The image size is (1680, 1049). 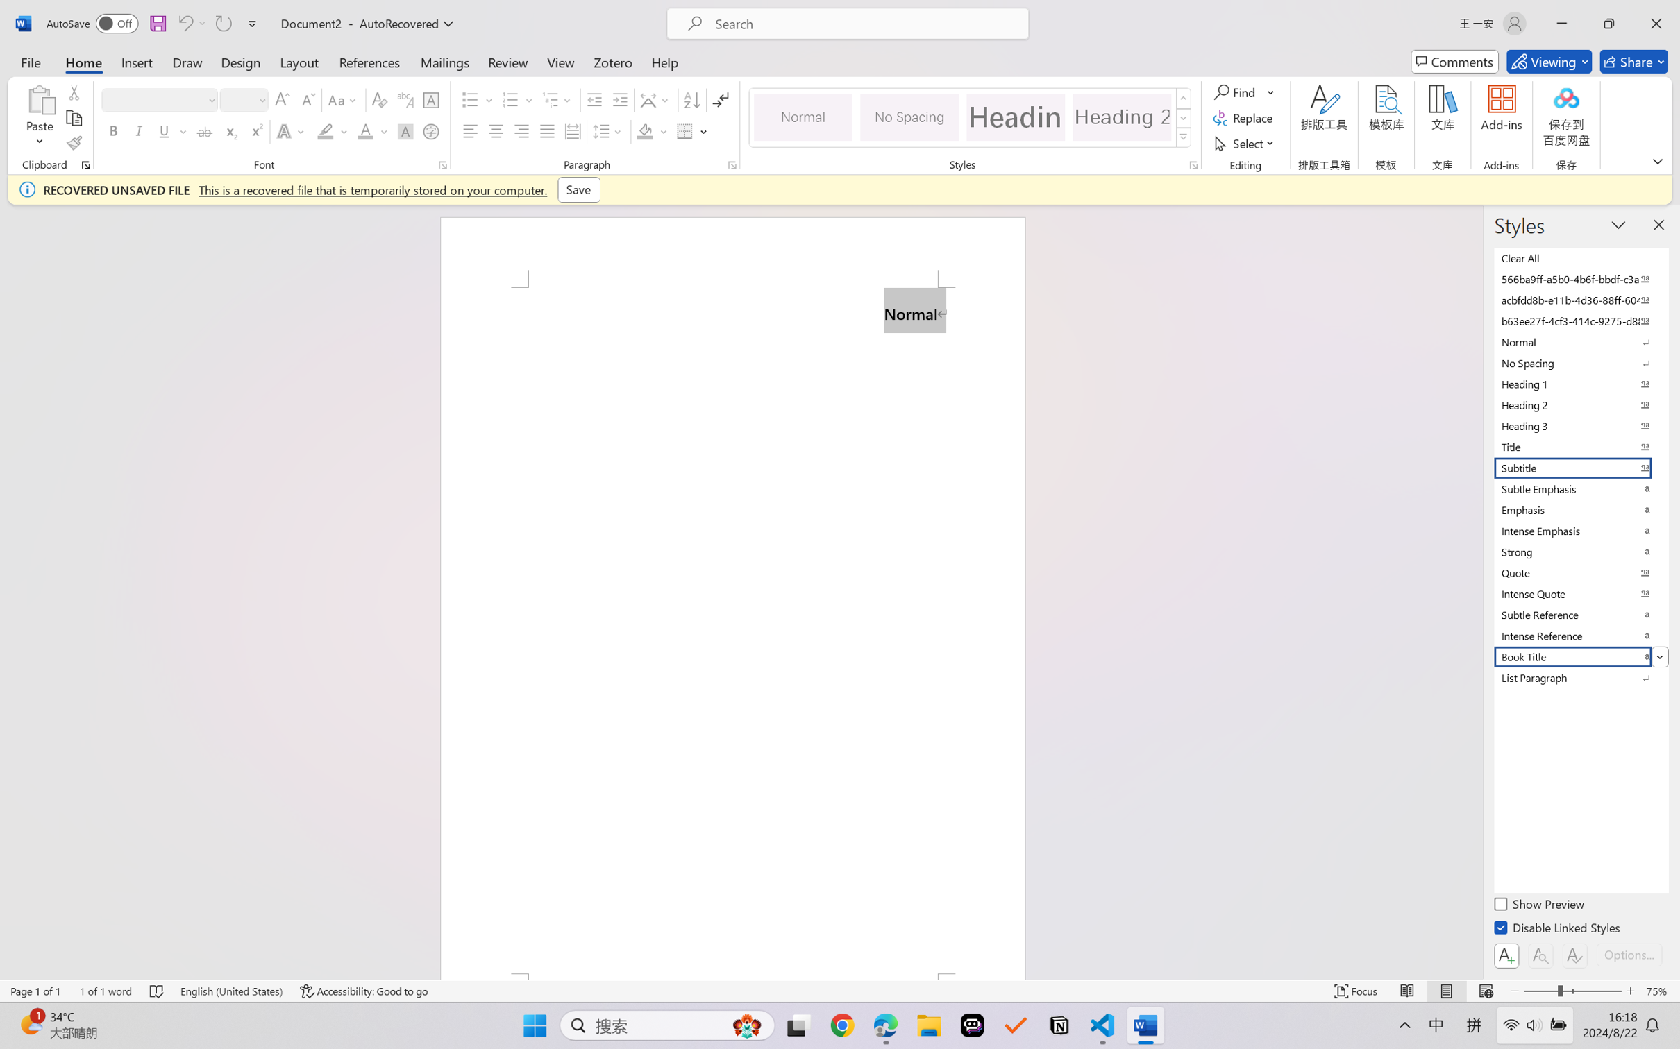 I want to click on 'Bold', so click(x=114, y=130).